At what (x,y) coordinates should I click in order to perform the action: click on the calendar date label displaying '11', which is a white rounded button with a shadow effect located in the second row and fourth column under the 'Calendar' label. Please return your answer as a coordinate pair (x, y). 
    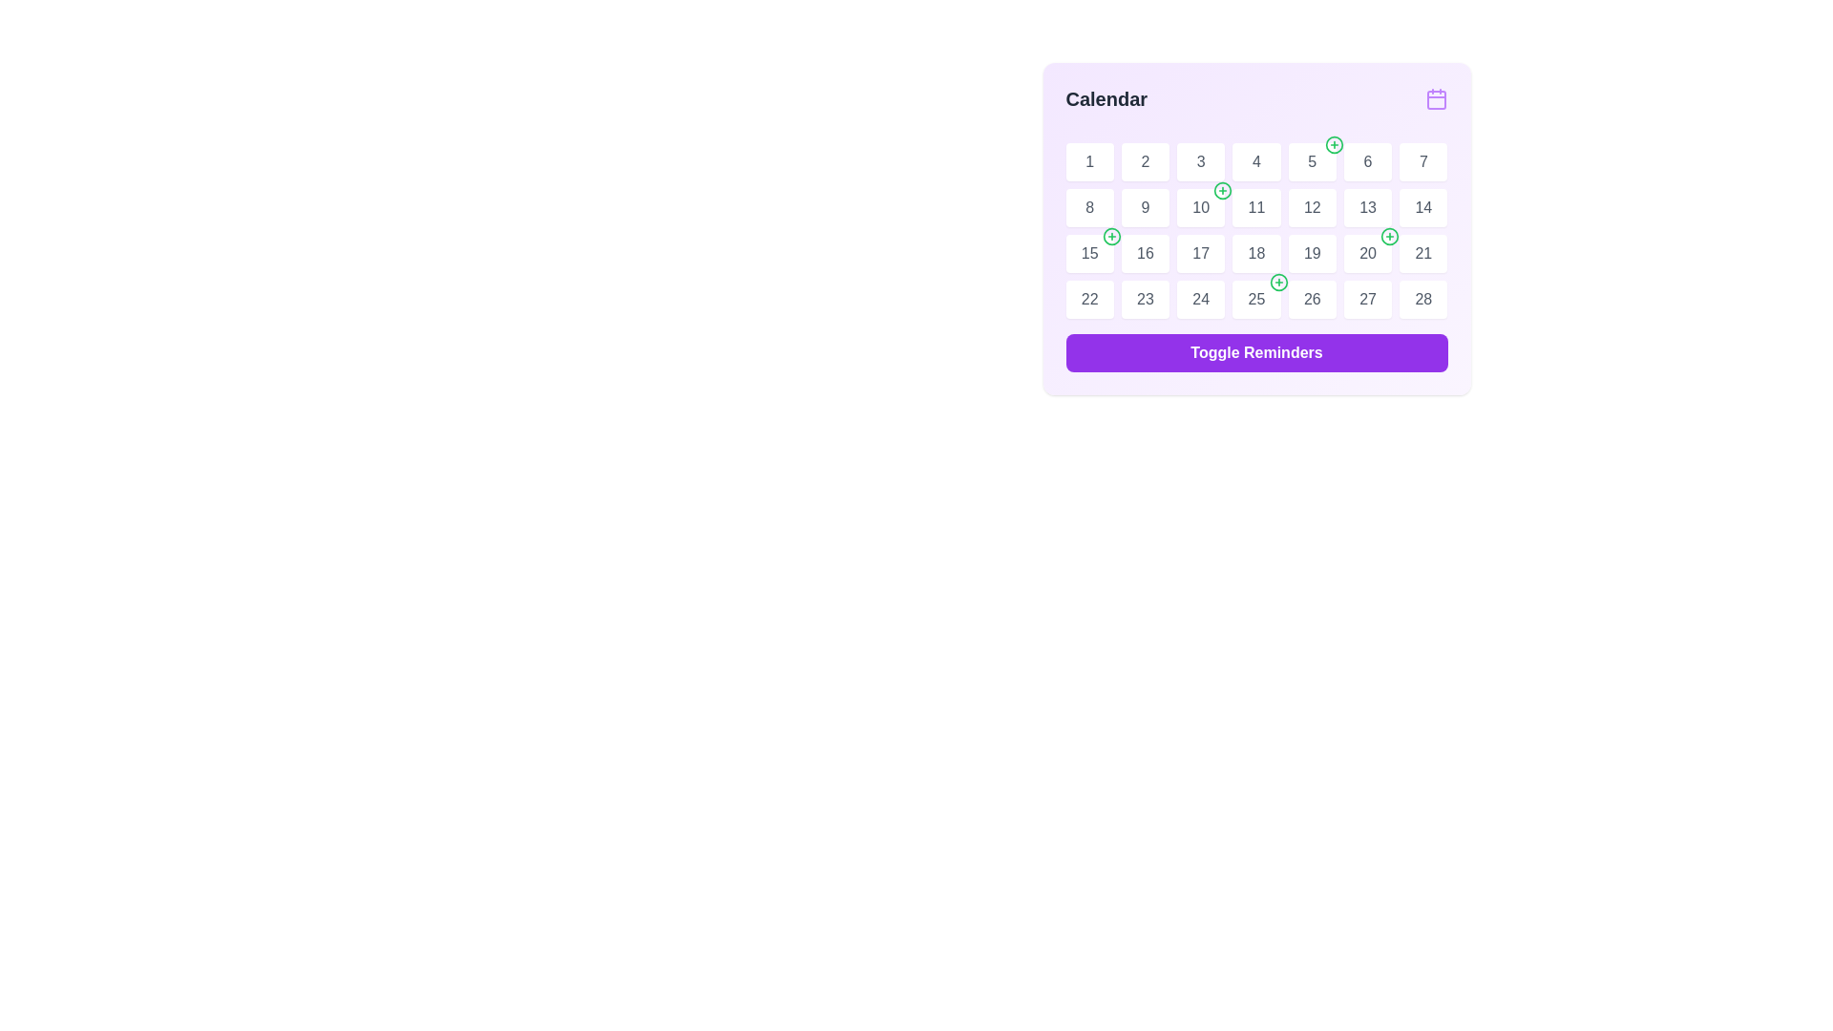
    Looking at the image, I should click on (1256, 208).